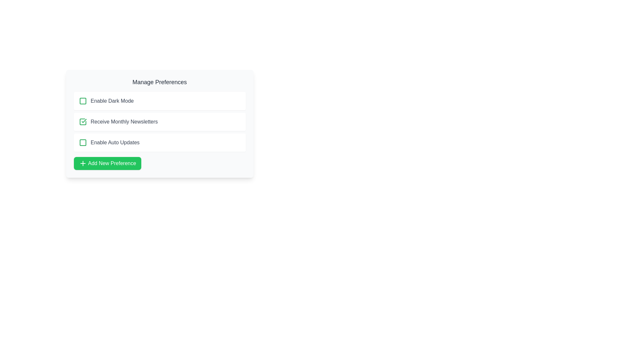 The image size is (625, 351). What do you see at coordinates (112, 163) in the screenshot?
I see `the 'Add New Preference' button which has a white text on a green background` at bounding box center [112, 163].